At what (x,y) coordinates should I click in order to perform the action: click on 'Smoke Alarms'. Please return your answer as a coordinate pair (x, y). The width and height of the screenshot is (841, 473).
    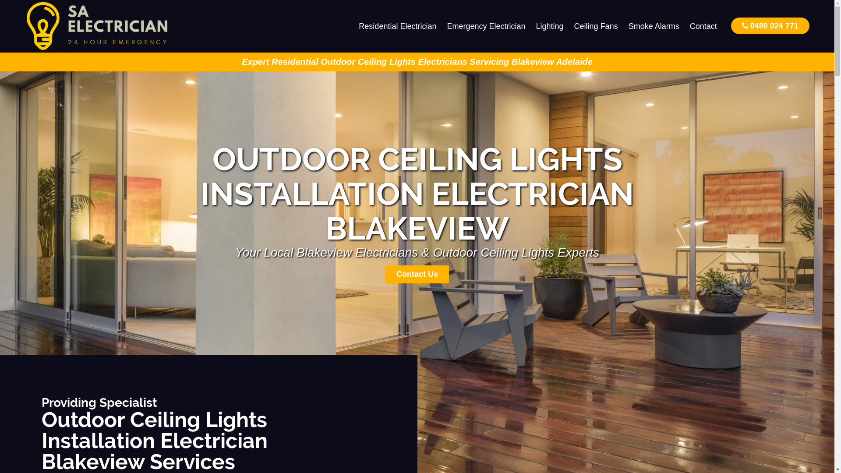
    Looking at the image, I should click on (654, 26).